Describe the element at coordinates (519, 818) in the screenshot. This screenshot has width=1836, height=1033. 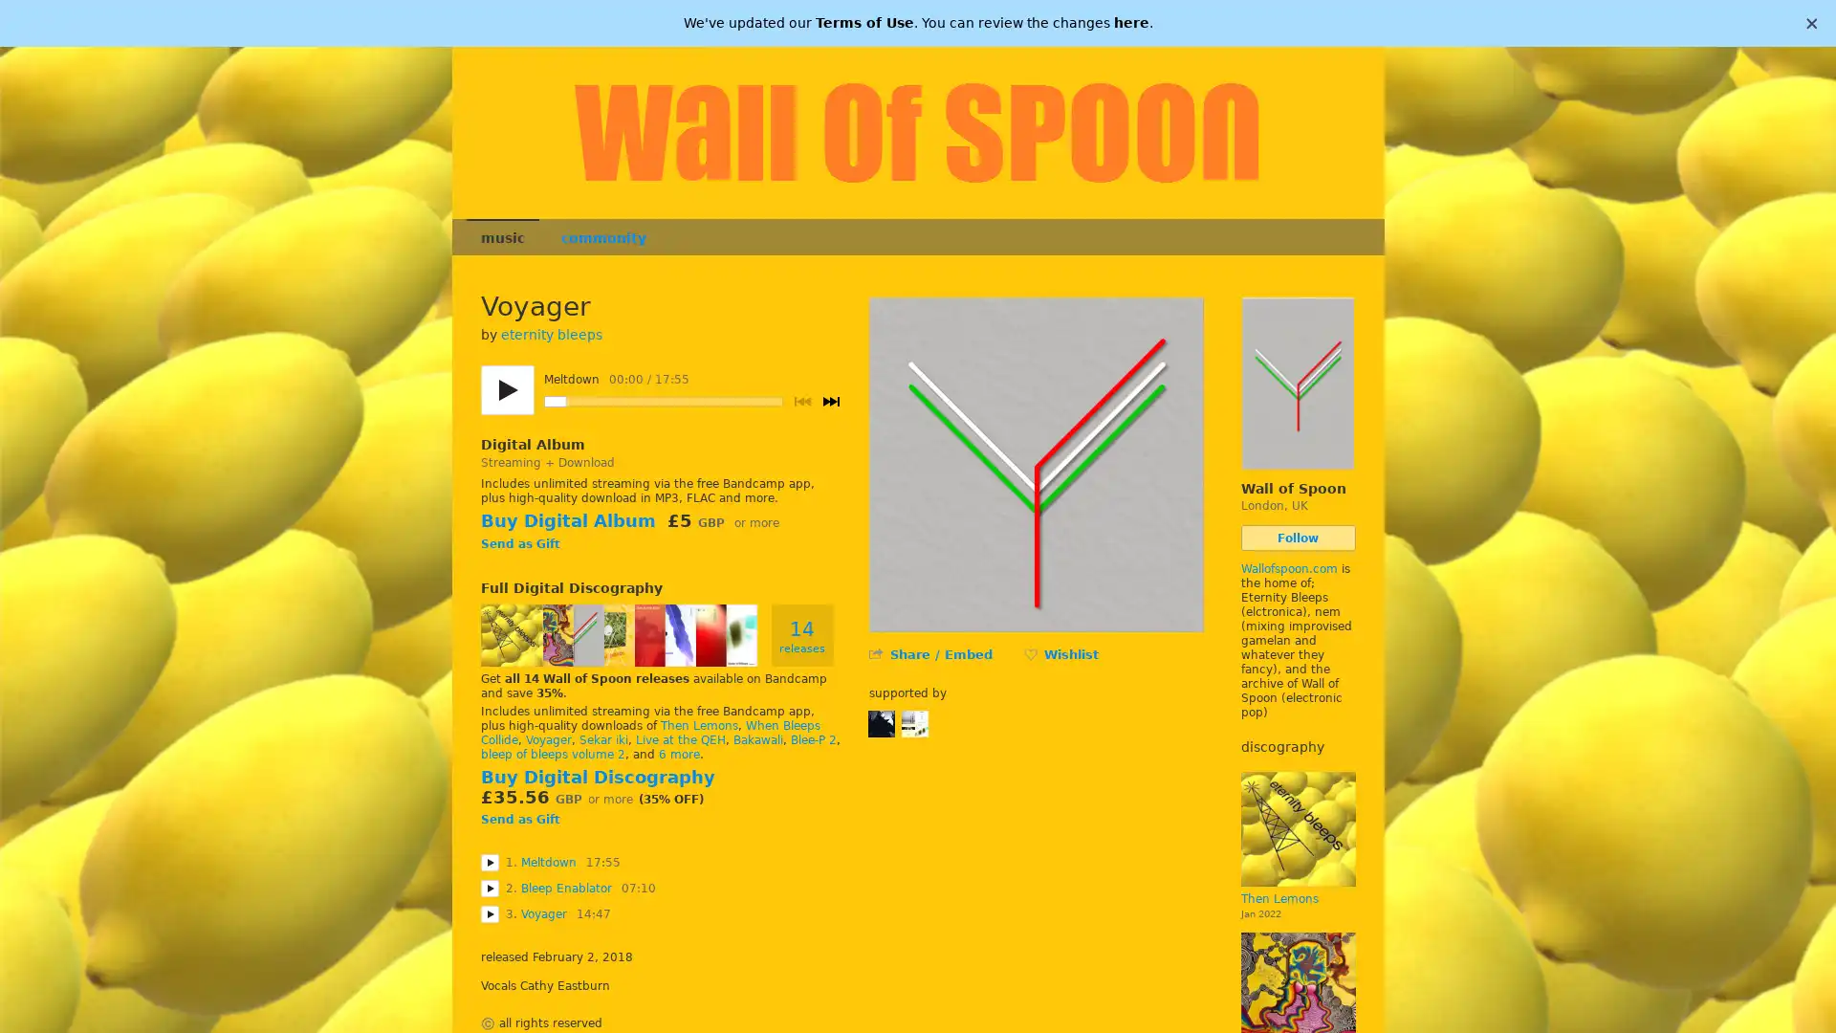
I see `Send as Gift` at that location.